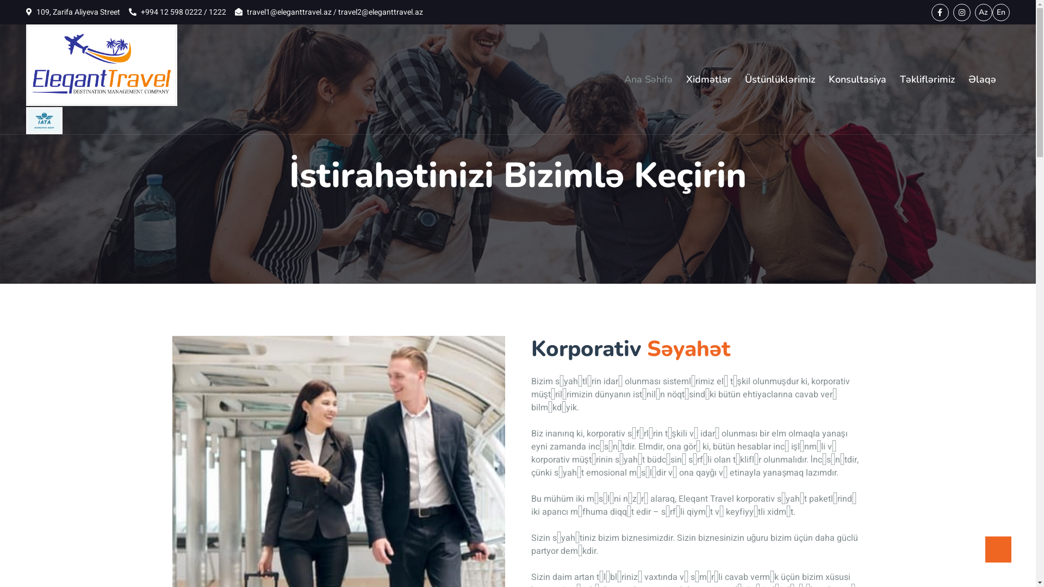 This screenshot has width=1044, height=587. Describe the element at coordinates (857, 79) in the screenshot. I see `'Konsultasiya'` at that location.